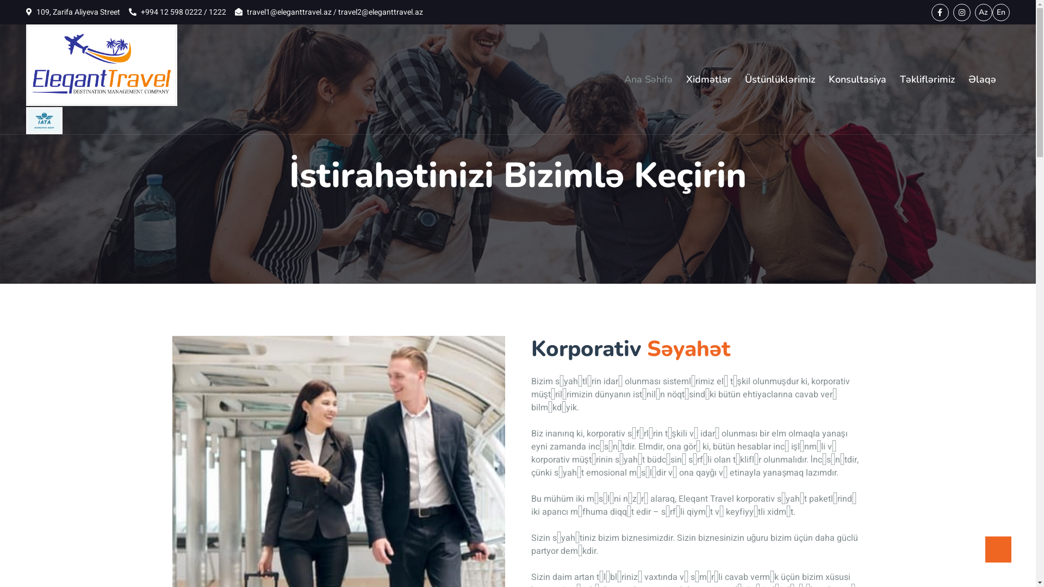 This screenshot has width=1044, height=587. Describe the element at coordinates (857, 79) in the screenshot. I see `'Konsultasiya'` at that location.